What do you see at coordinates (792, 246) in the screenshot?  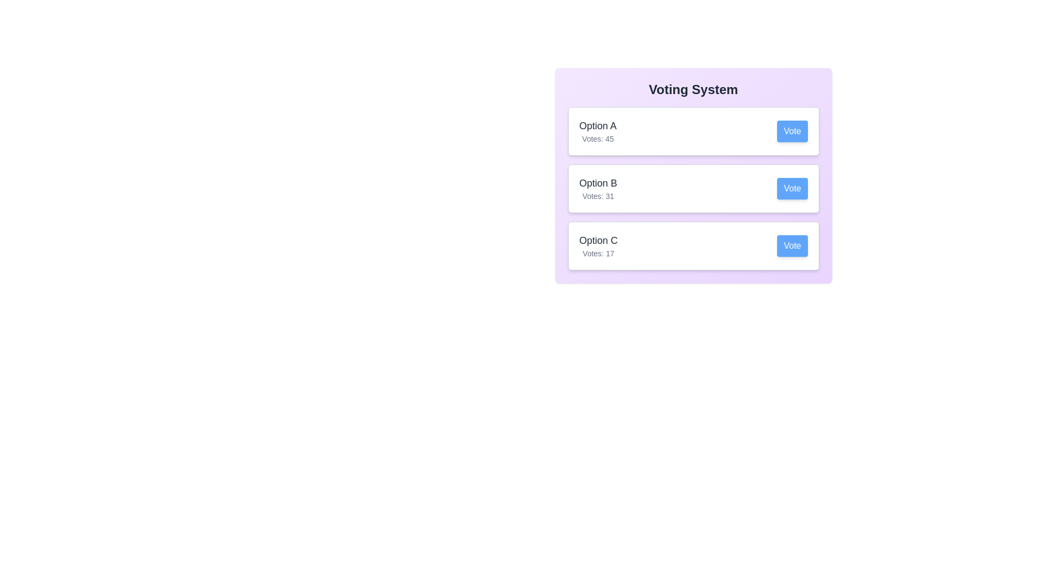 I see `the voting button for option C` at bounding box center [792, 246].